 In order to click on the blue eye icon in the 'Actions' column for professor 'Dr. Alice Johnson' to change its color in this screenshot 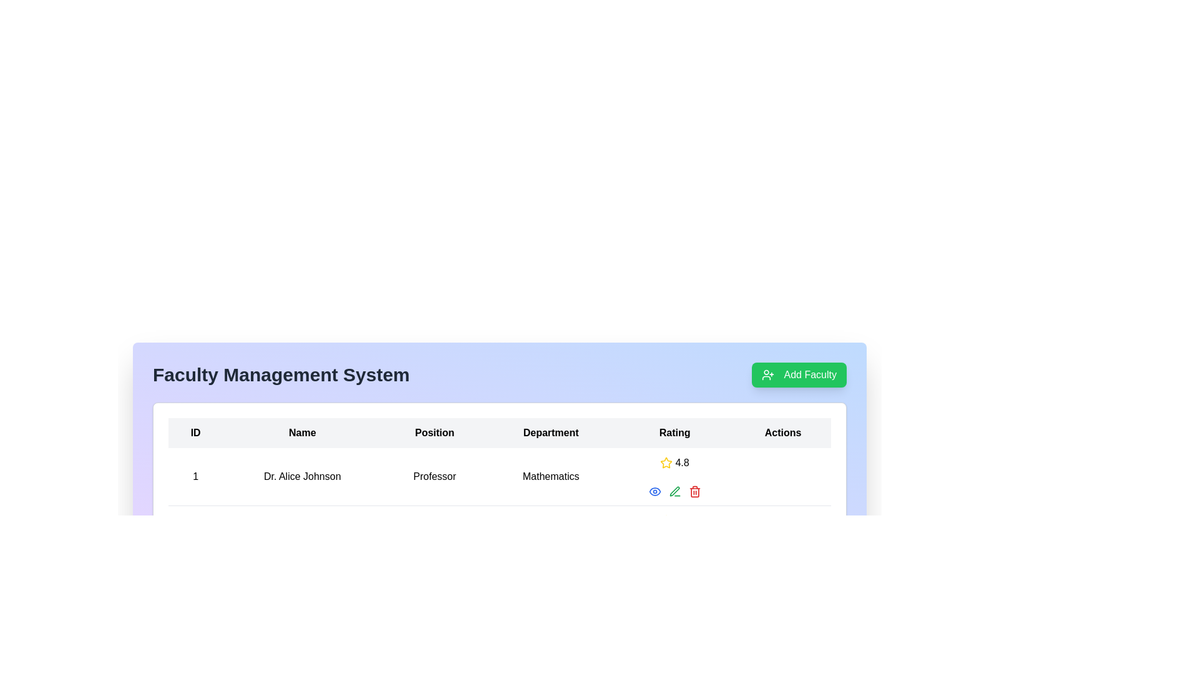, I will do `click(654, 491)`.